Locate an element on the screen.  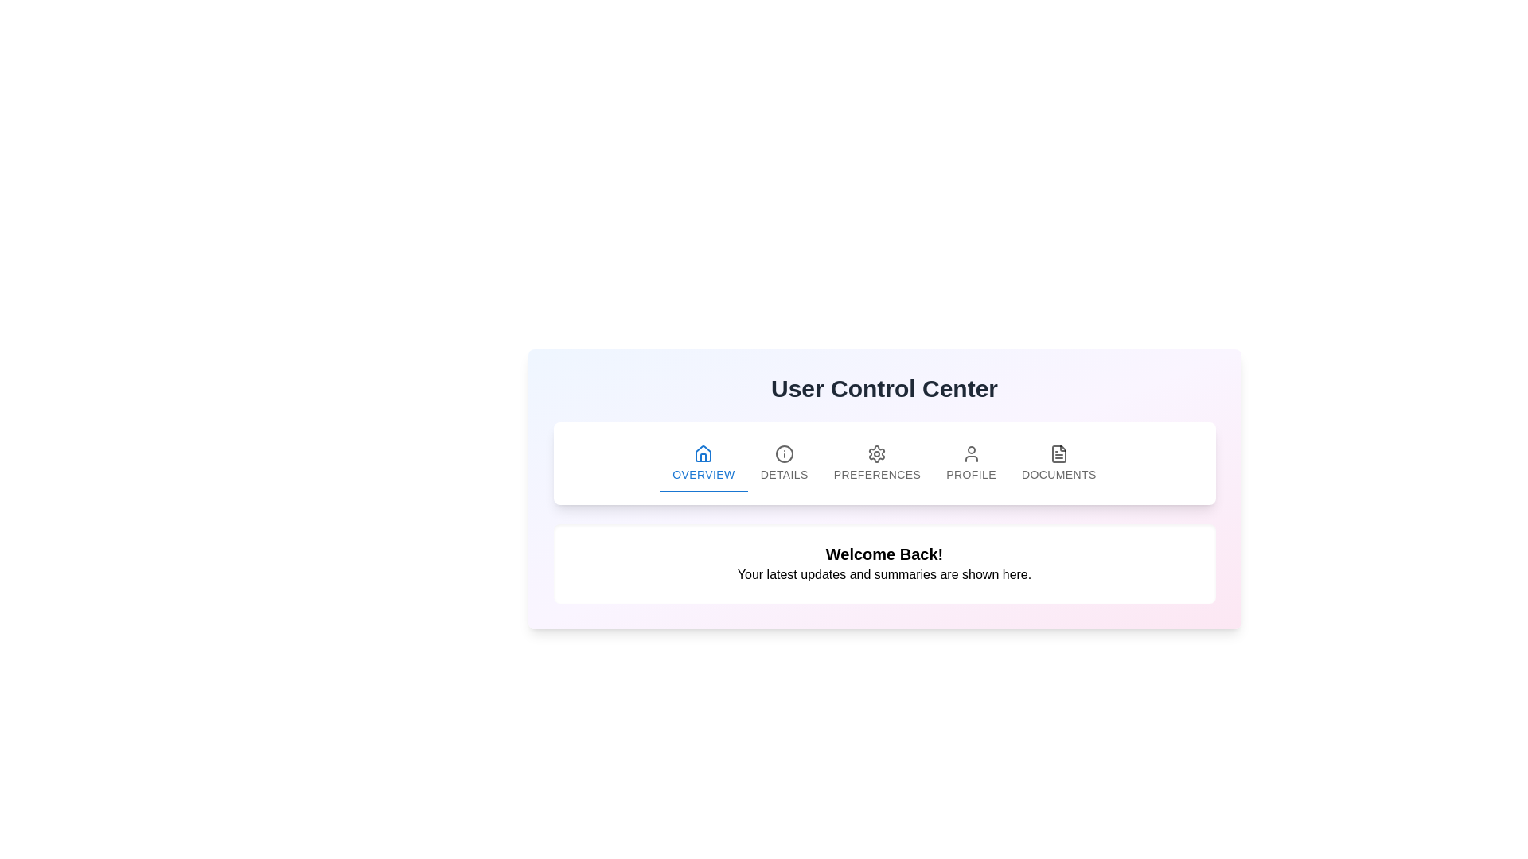
the 'Overview' tab button, which is the first tab on the left in the navigation bar is located at coordinates (703, 463).